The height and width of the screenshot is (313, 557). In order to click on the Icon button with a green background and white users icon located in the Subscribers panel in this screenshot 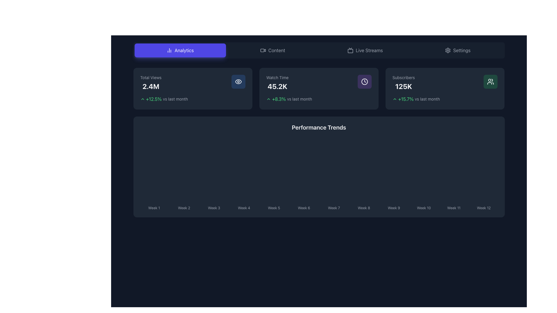, I will do `click(490, 81)`.